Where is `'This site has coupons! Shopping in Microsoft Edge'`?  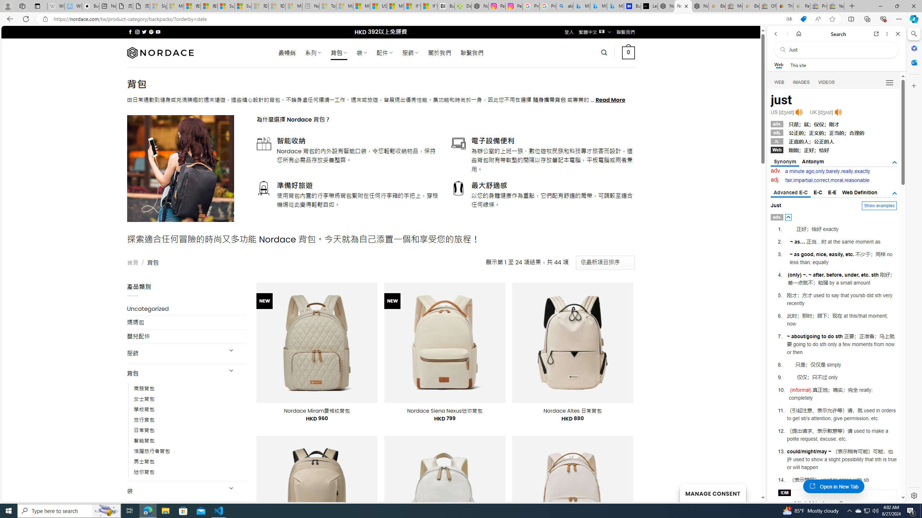
'This site has coupons! Shopping in Microsoft Edge' is located at coordinates (803, 19).